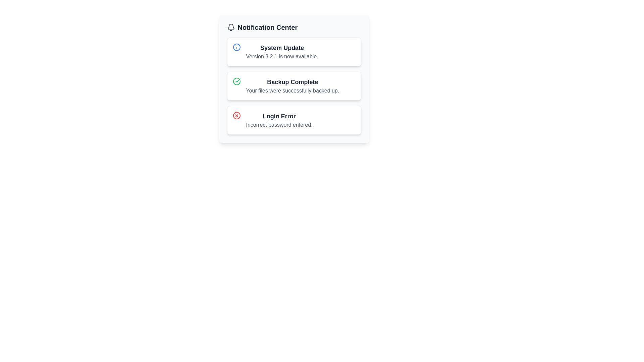  I want to click on the 'System Update' notification at the top of the Notification Center, which states 'Version 3.2.1 is now available.', so click(282, 51).